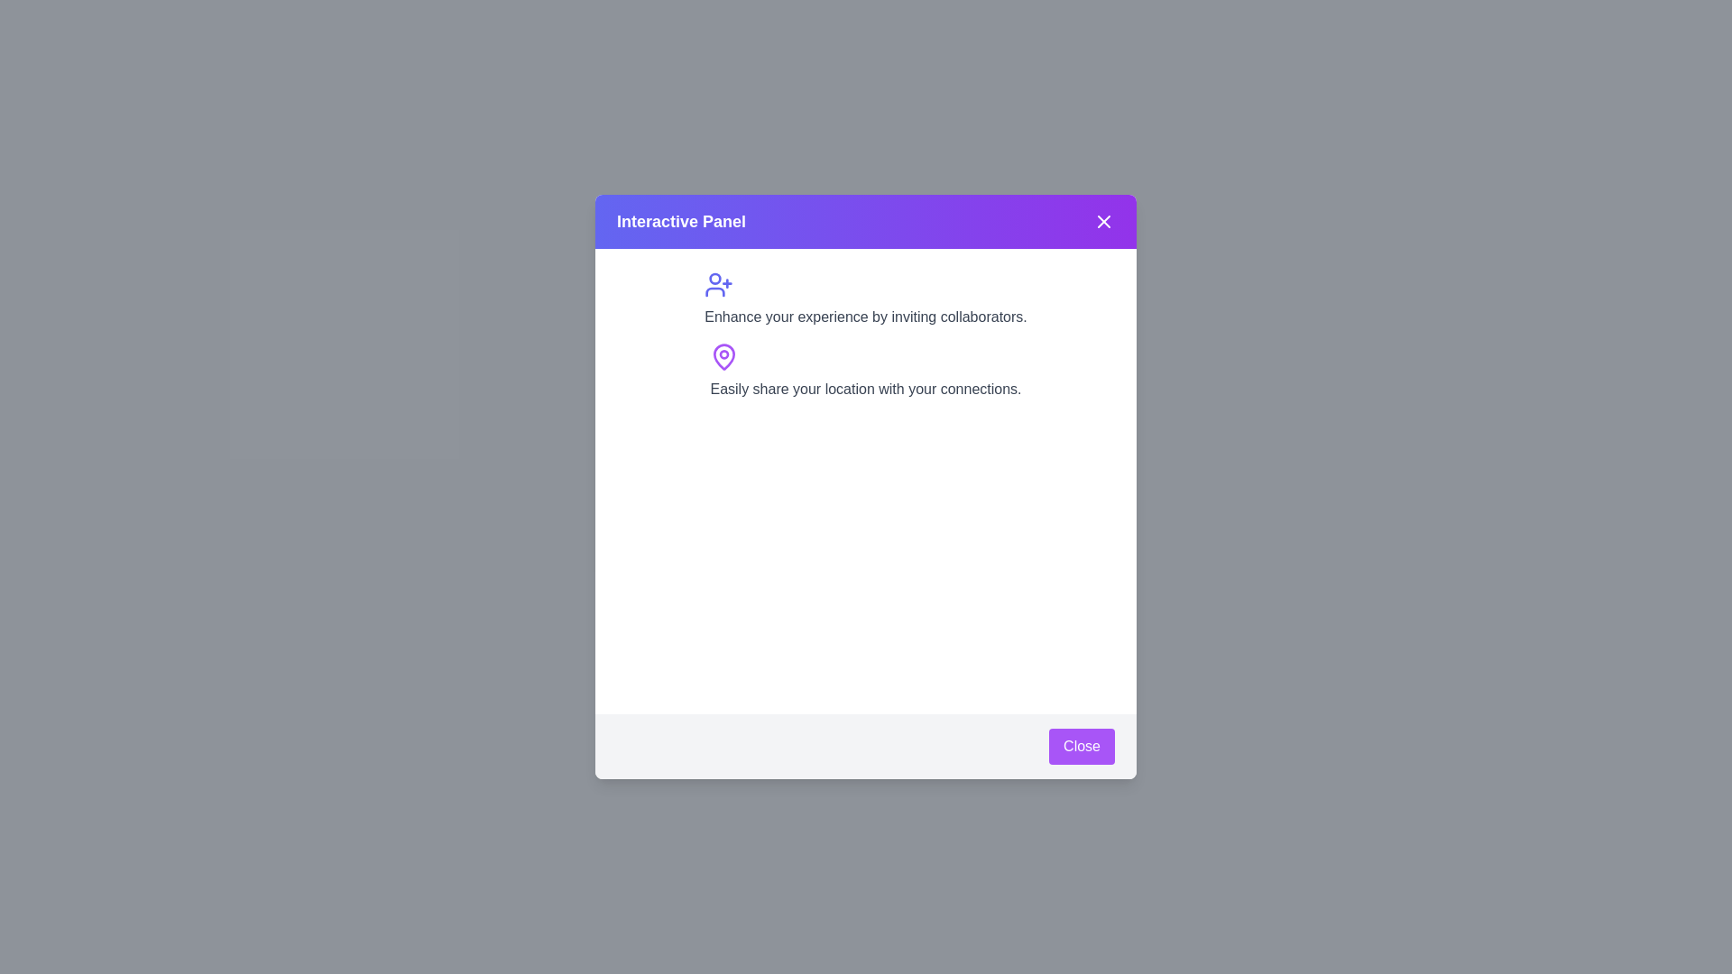 Image resolution: width=1732 pixels, height=974 pixels. Describe the element at coordinates (718, 284) in the screenshot. I see `the icon positioned near the top of the modal interface, above the text 'Enhance your experience by inviting collaborators', to initiate an advanced action` at that location.